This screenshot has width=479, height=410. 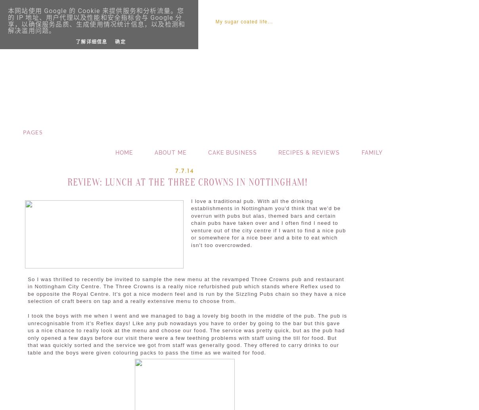 What do you see at coordinates (175, 170) in the screenshot?
I see `'7.7.14'` at bounding box center [175, 170].